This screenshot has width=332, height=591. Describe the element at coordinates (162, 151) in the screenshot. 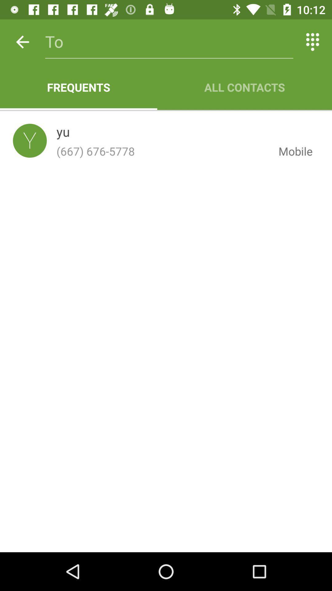

I see `icon below the yu item` at that location.